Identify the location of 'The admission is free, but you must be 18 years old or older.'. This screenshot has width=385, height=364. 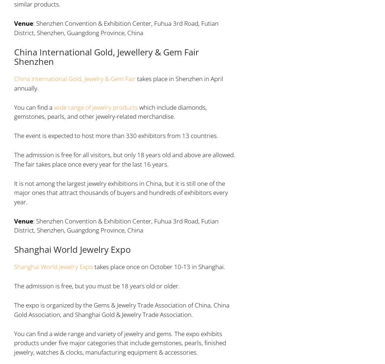
(96, 286).